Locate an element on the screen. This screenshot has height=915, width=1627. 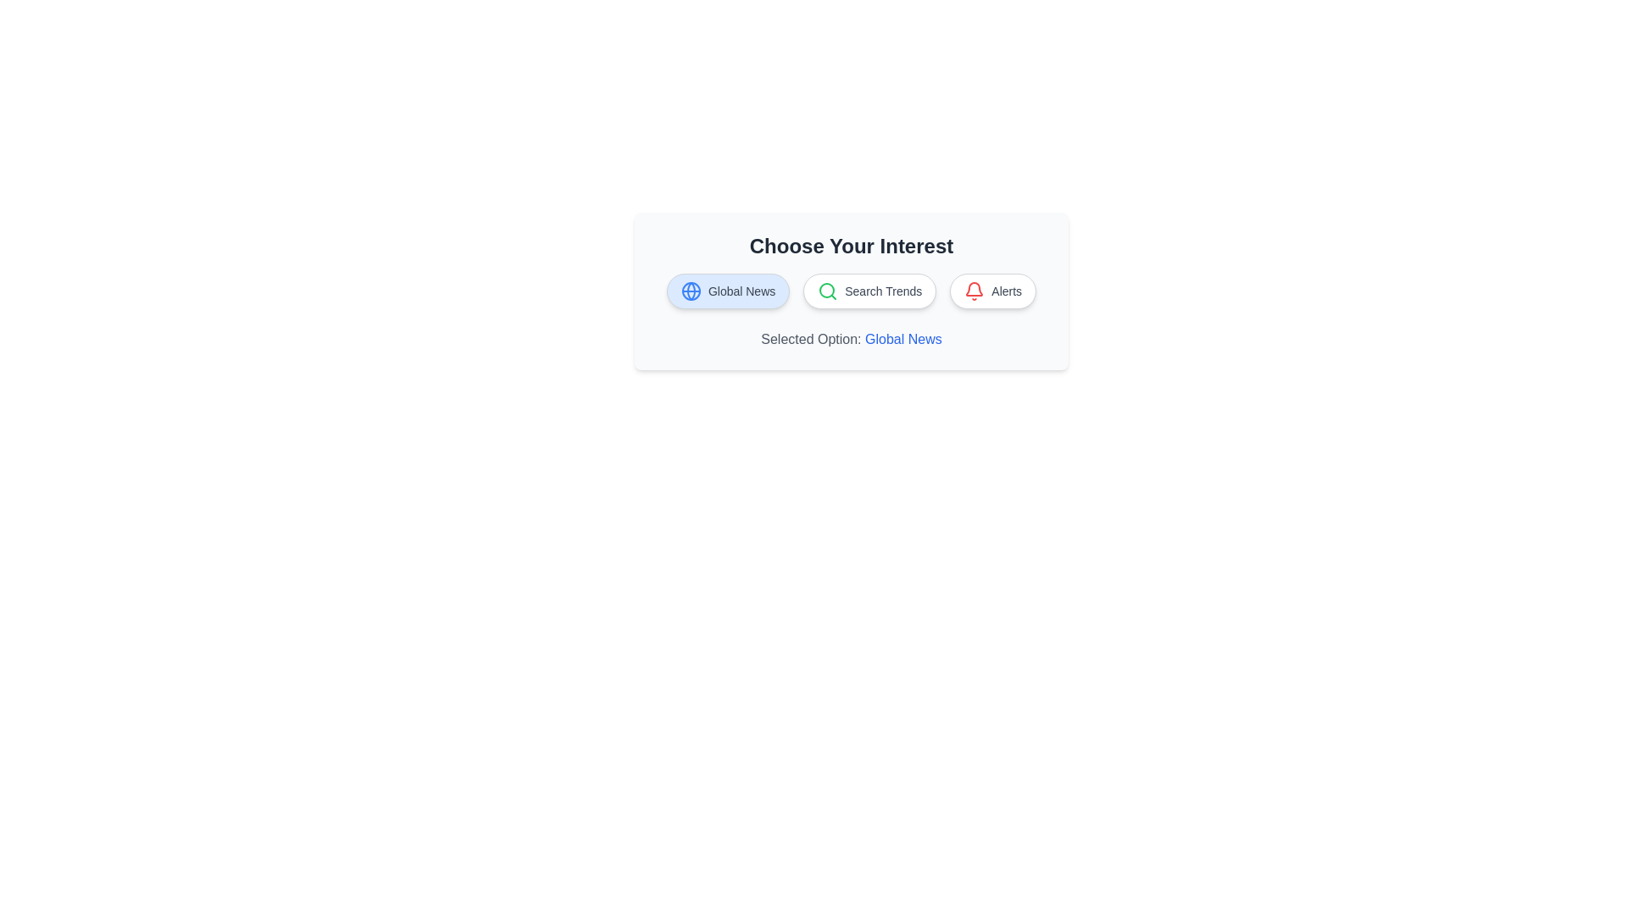
the chip labeled Search Trends to update the selected option is located at coordinates (869, 290).